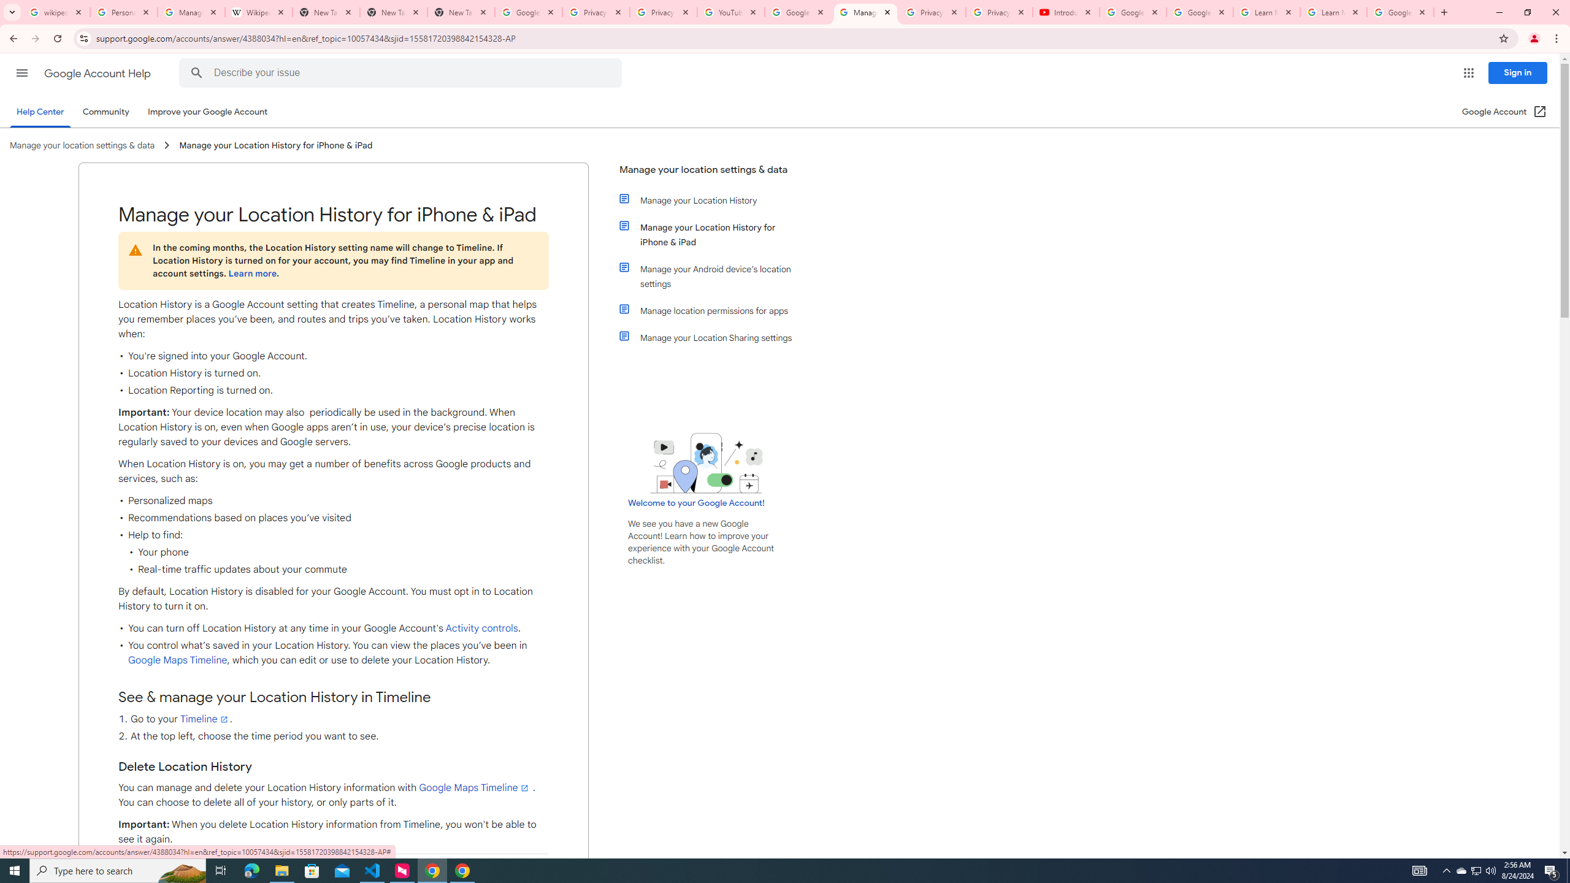 This screenshot has height=883, width=1570. Describe the element at coordinates (695, 502) in the screenshot. I see `'Welcome to your Google Account!'` at that location.